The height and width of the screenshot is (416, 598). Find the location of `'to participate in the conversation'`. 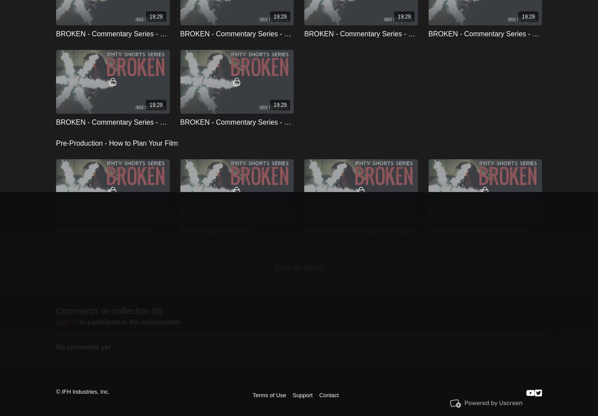

'to participate in the conversation' is located at coordinates (129, 321).